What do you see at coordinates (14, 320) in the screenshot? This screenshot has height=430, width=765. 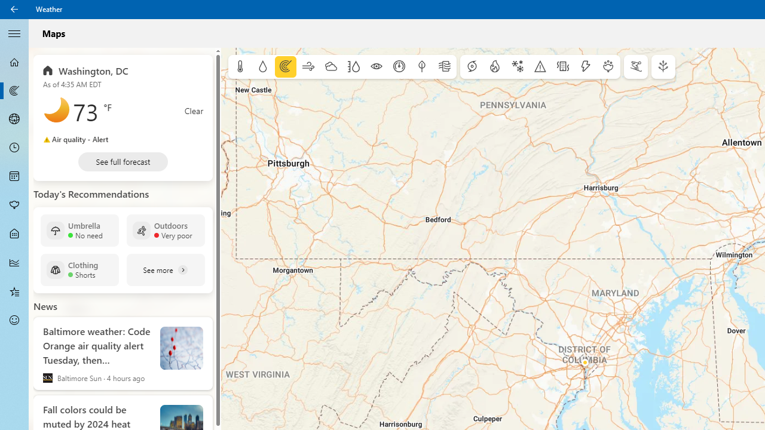 I see `'Send Feedback - Not Selected'` at bounding box center [14, 320].